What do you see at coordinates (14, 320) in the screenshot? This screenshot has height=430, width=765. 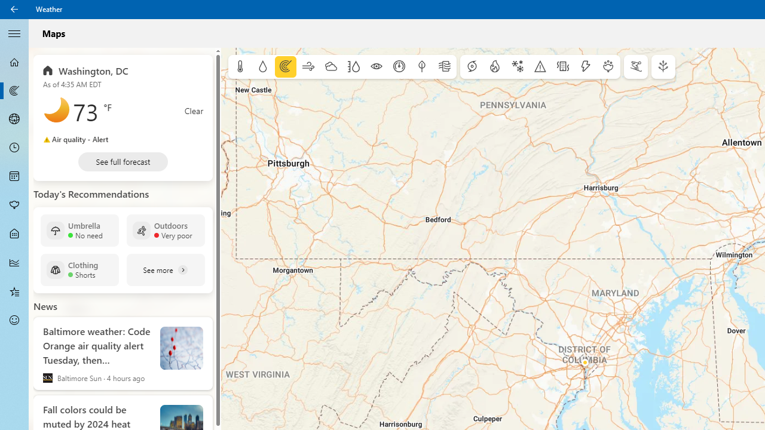 I see `'Send Feedback - Not Selected'` at bounding box center [14, 320].